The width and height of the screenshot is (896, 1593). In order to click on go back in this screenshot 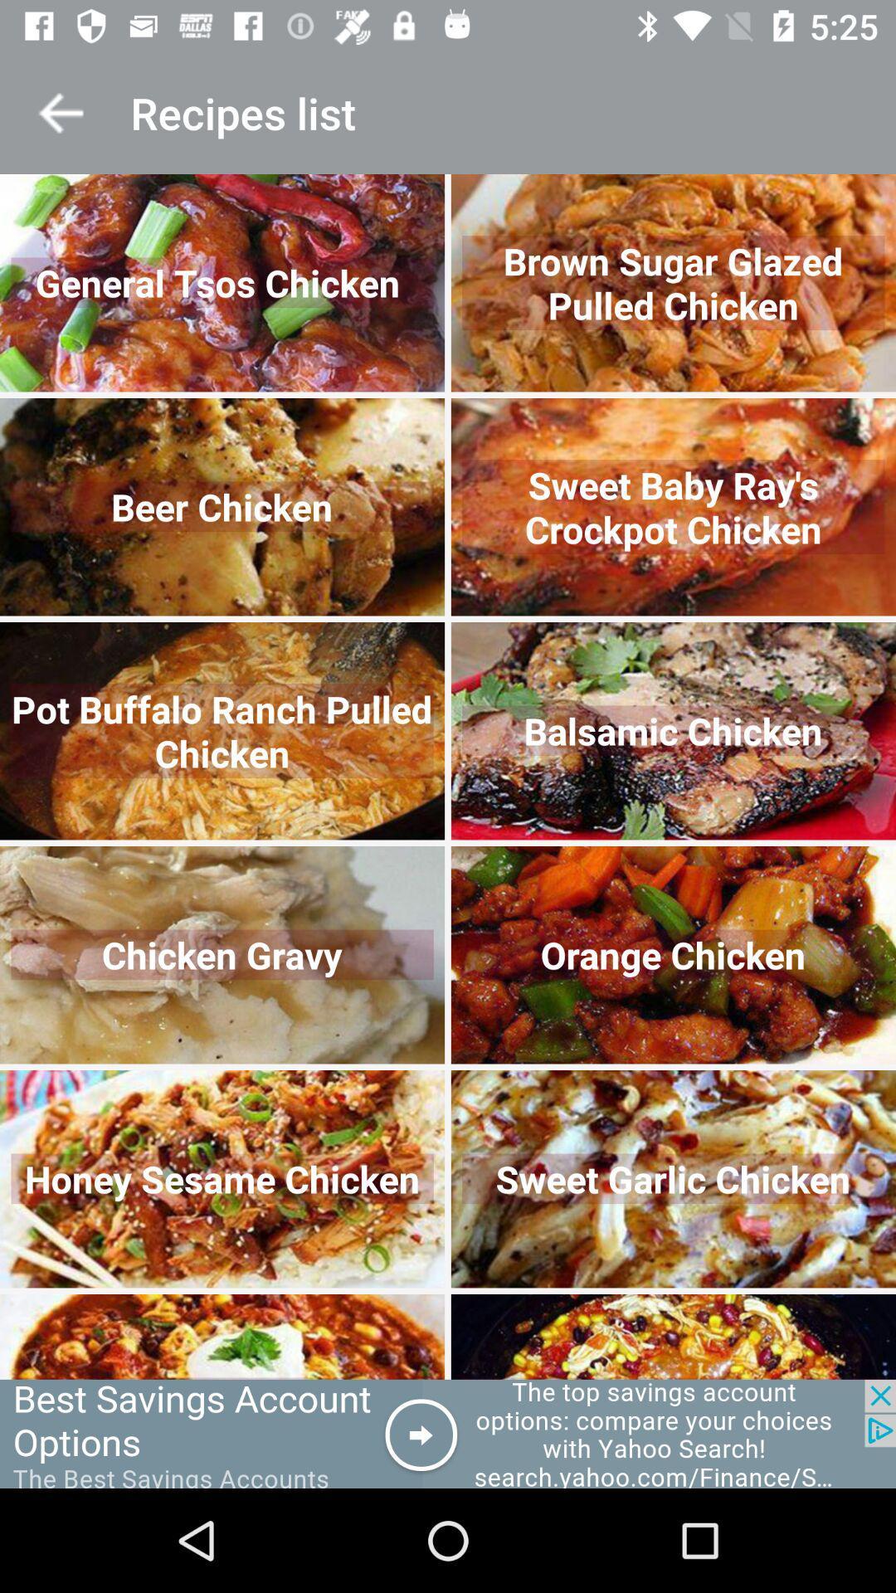, I will do `click(60, 112)`.